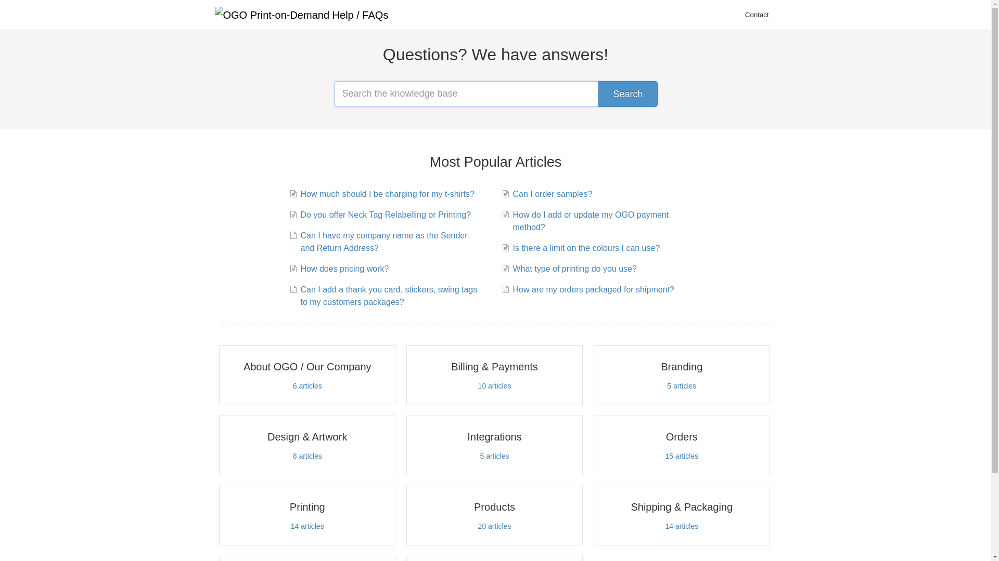 Image resolution: width=999 pixels, height=561 pixels. I want to click on 'Shipping & Packaging, so click(594, 515).